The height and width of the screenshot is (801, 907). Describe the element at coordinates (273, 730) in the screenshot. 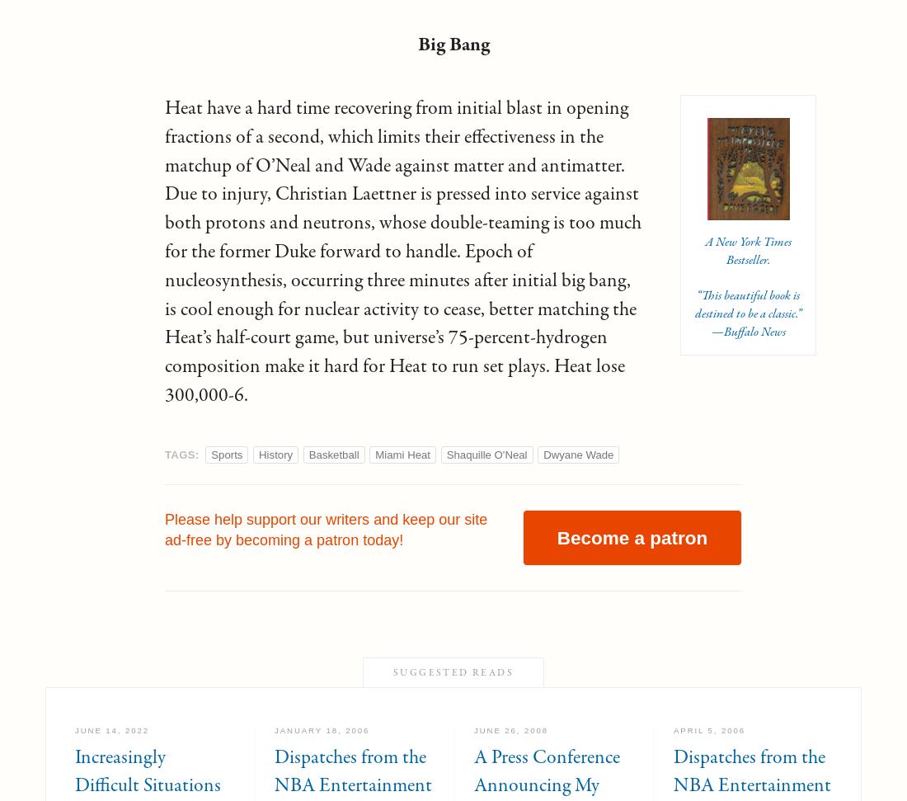

I see `'January 18, 2006'` at that location.